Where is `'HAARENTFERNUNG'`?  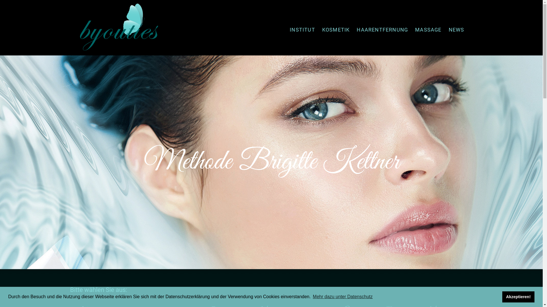
'HAARENTFERNUNG' is located at coordinates (382, 30).